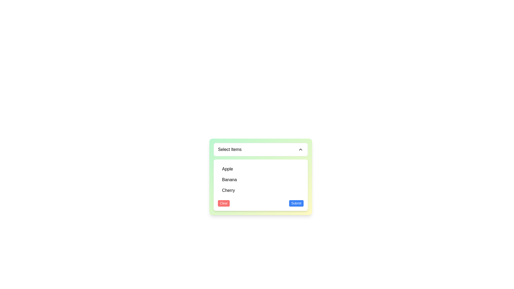 Image resolution: width=514 pixels, height=289 pixels. What do you see at coordinates (230, 150) in the screenshot?
I see `the Text label that serves as a title for the selection dropdown, located at the top-left corner of the rounded white box above the list of options` at bounding box center [230, 150].